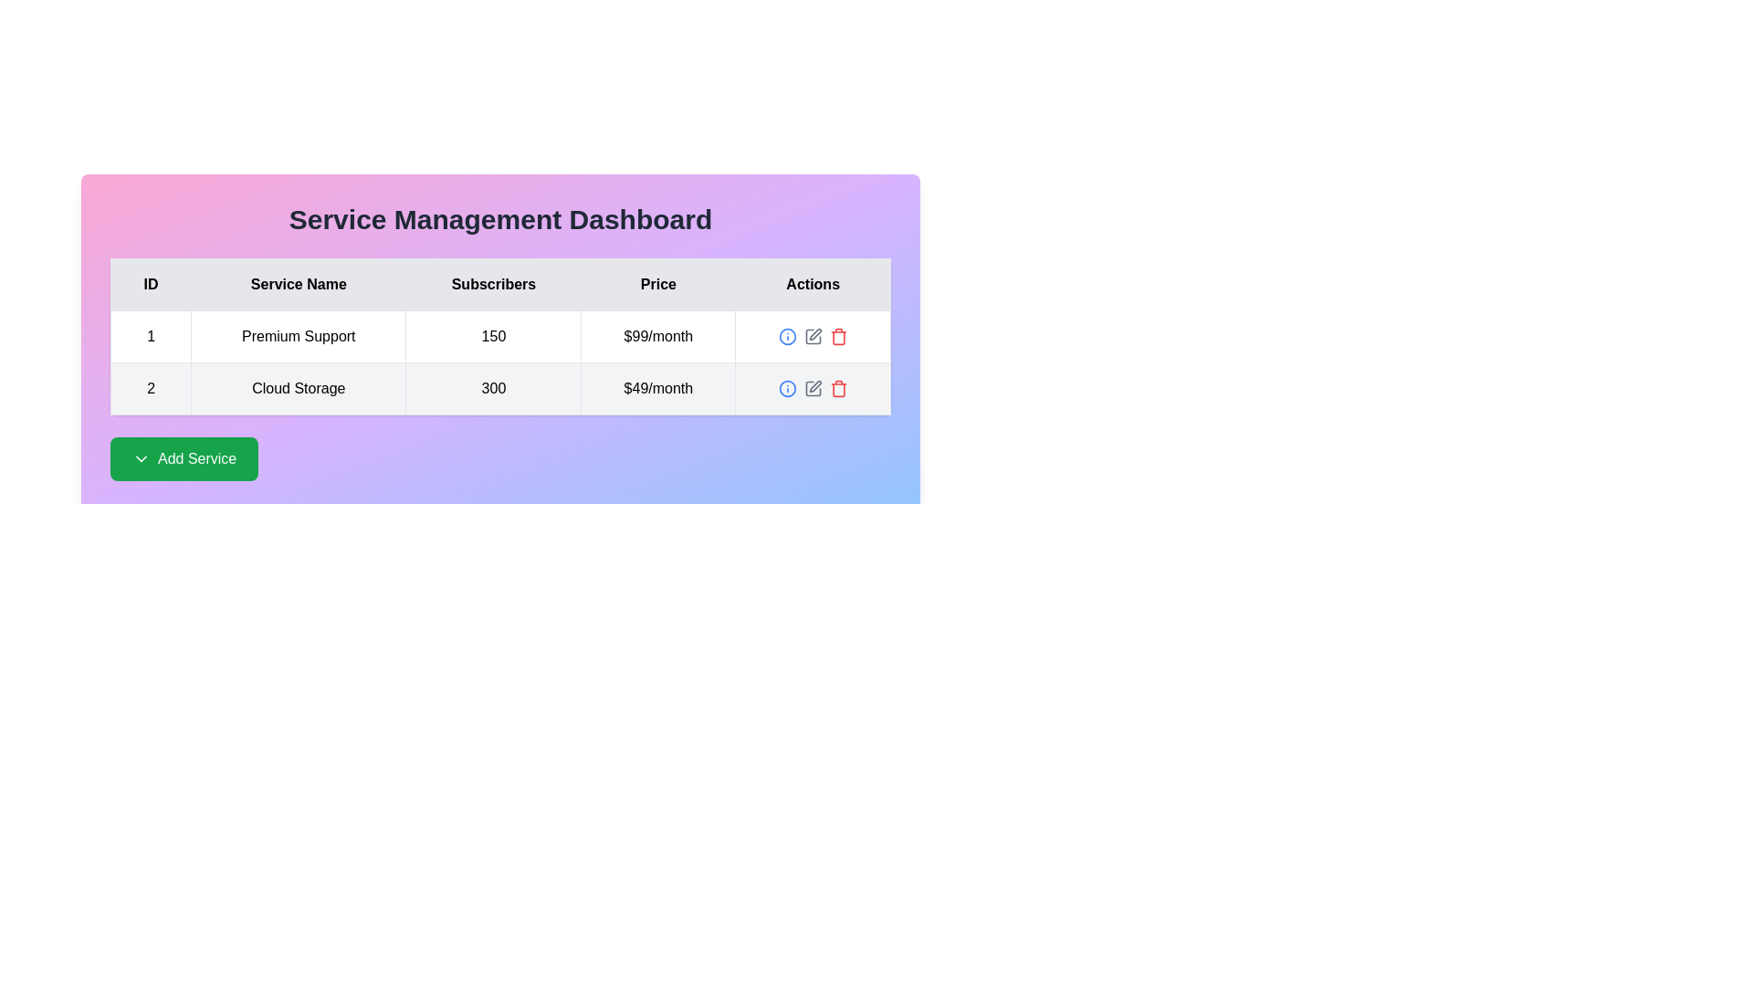 This screenshot has width=1753, height=986. I want to click on the numeric value '150' in the 'Subscribers' column, which is the third cell in the first row of the table, so click(500, 341).